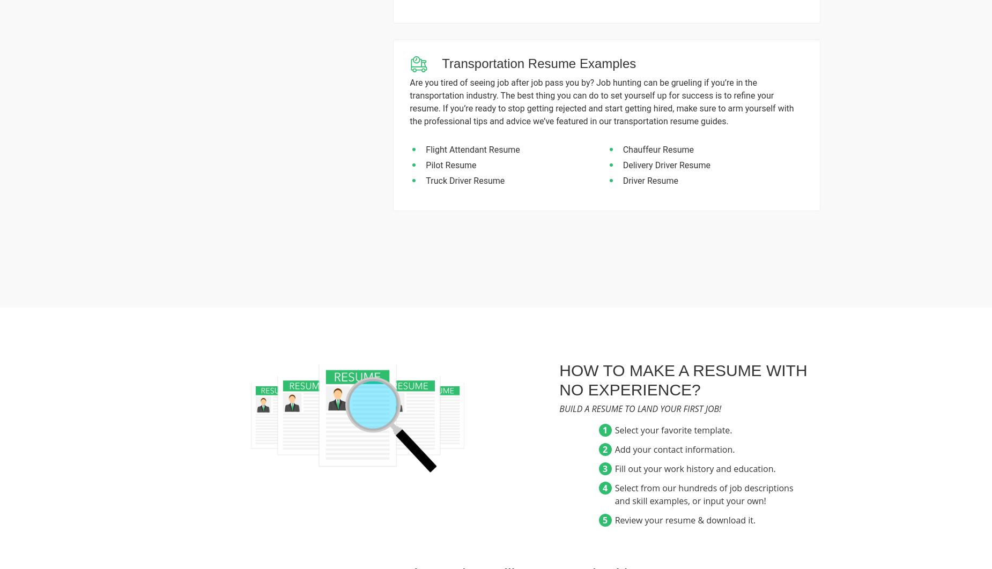 This screenshot has height=569, width=992. Describe the element at coordinates (451, 164) in the screenshot. I see `'Pilot Resume'` at that location.